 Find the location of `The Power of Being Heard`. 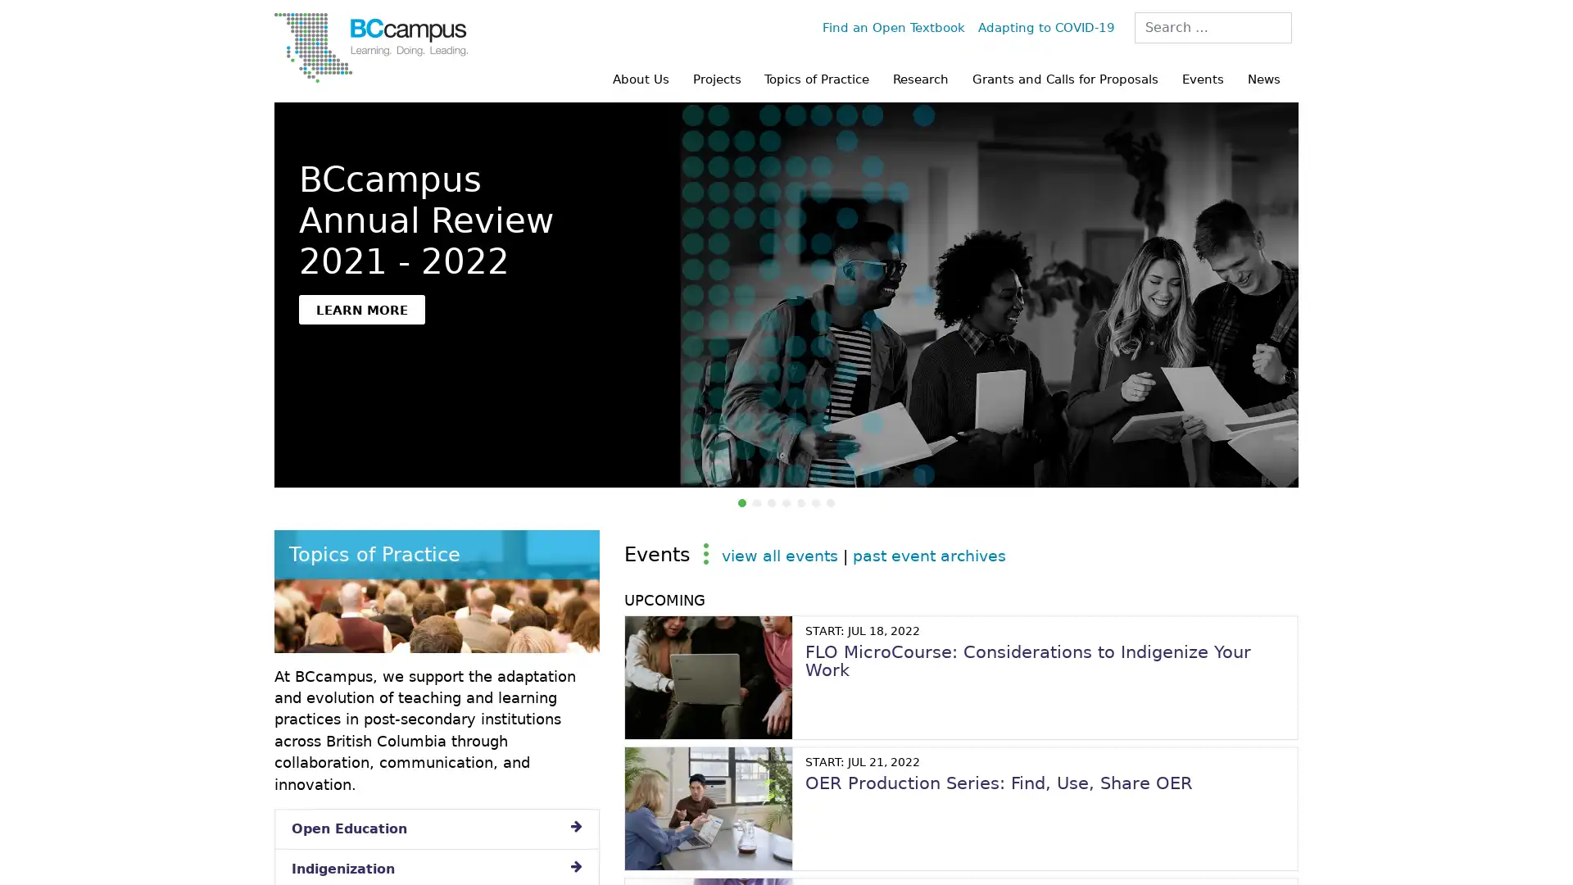

The Power of Being Heard is located at coordinates (830, 501).